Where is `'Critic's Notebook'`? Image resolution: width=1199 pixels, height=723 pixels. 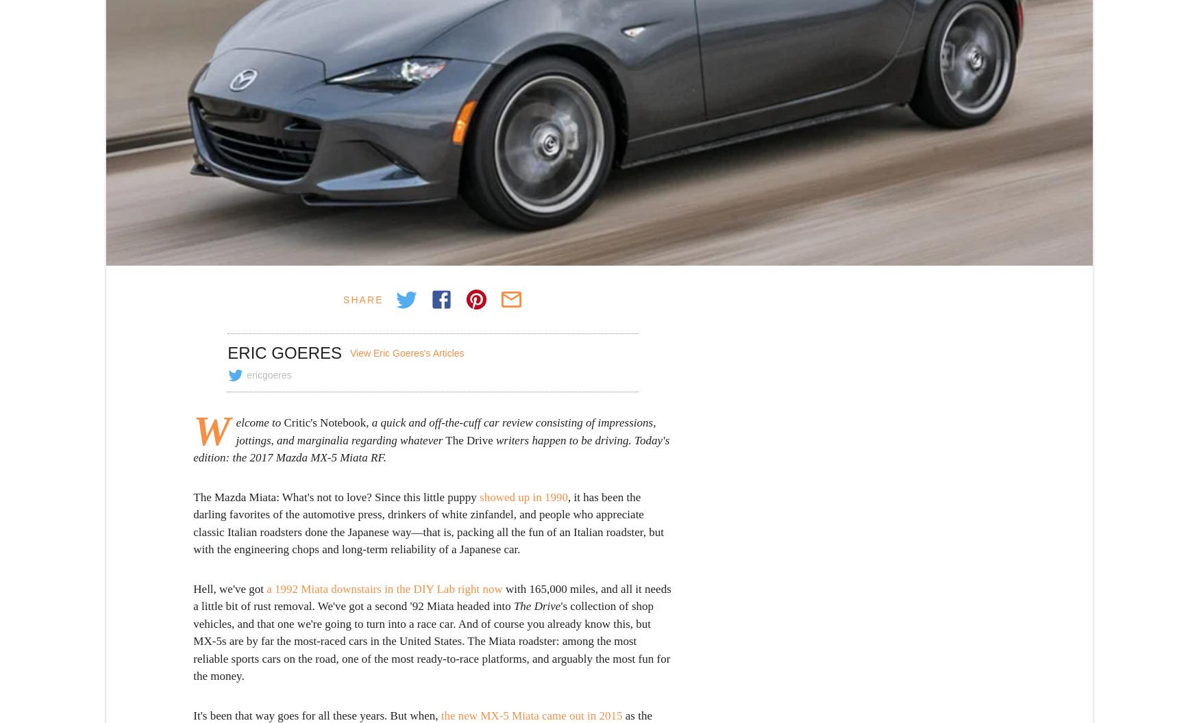 'Critic's Notebook' is located at coordinates (323, 422).